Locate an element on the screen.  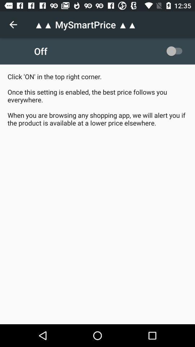
click on in item is located at coordinates (97, 99).